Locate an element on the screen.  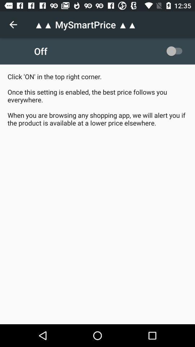
click on in item is located at coordinates (97, 99).